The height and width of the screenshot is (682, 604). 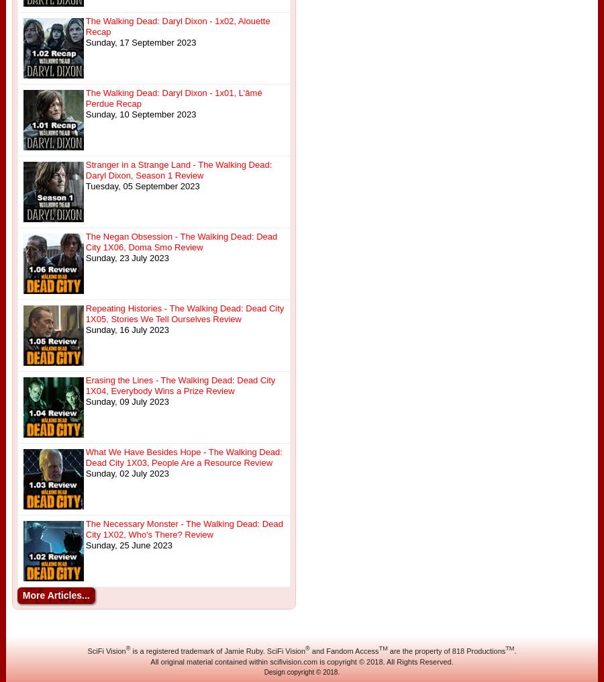 What do you see at coordinates (85, 242) in the screenshot?
I see `'The Negan Obsession - The Walking Dead: Dead City 1X06, Doma Smo Review'` at bounding box center [85, 242].